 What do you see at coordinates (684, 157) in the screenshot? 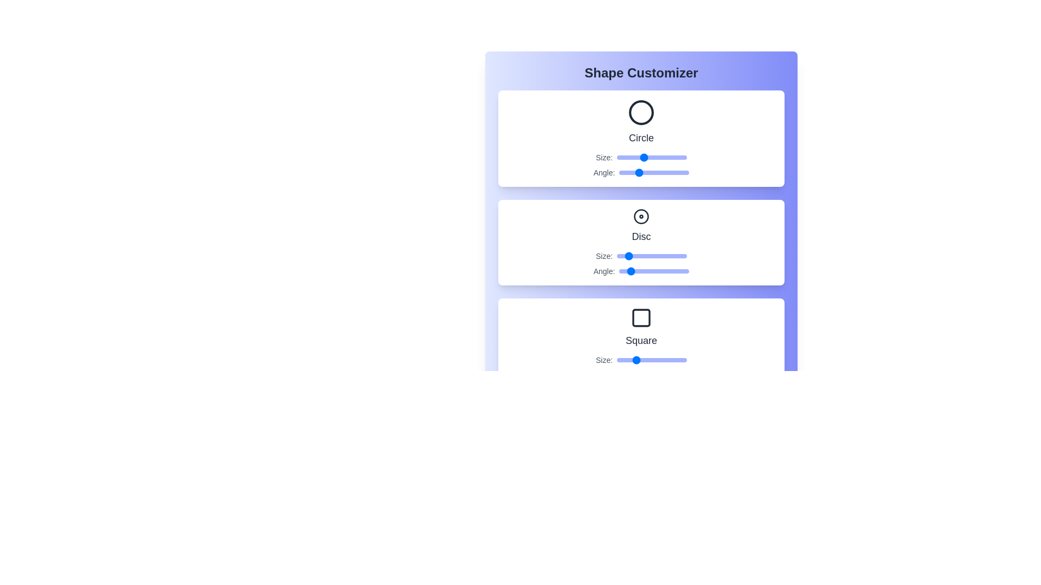
I see `the Circle size slider to 97` at bounding box center [684, 157].